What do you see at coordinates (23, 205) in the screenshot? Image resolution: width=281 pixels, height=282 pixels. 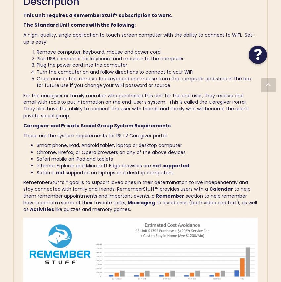 I see `'to loved ones (both video and text), as well as'` at bounding box center [23, 205].